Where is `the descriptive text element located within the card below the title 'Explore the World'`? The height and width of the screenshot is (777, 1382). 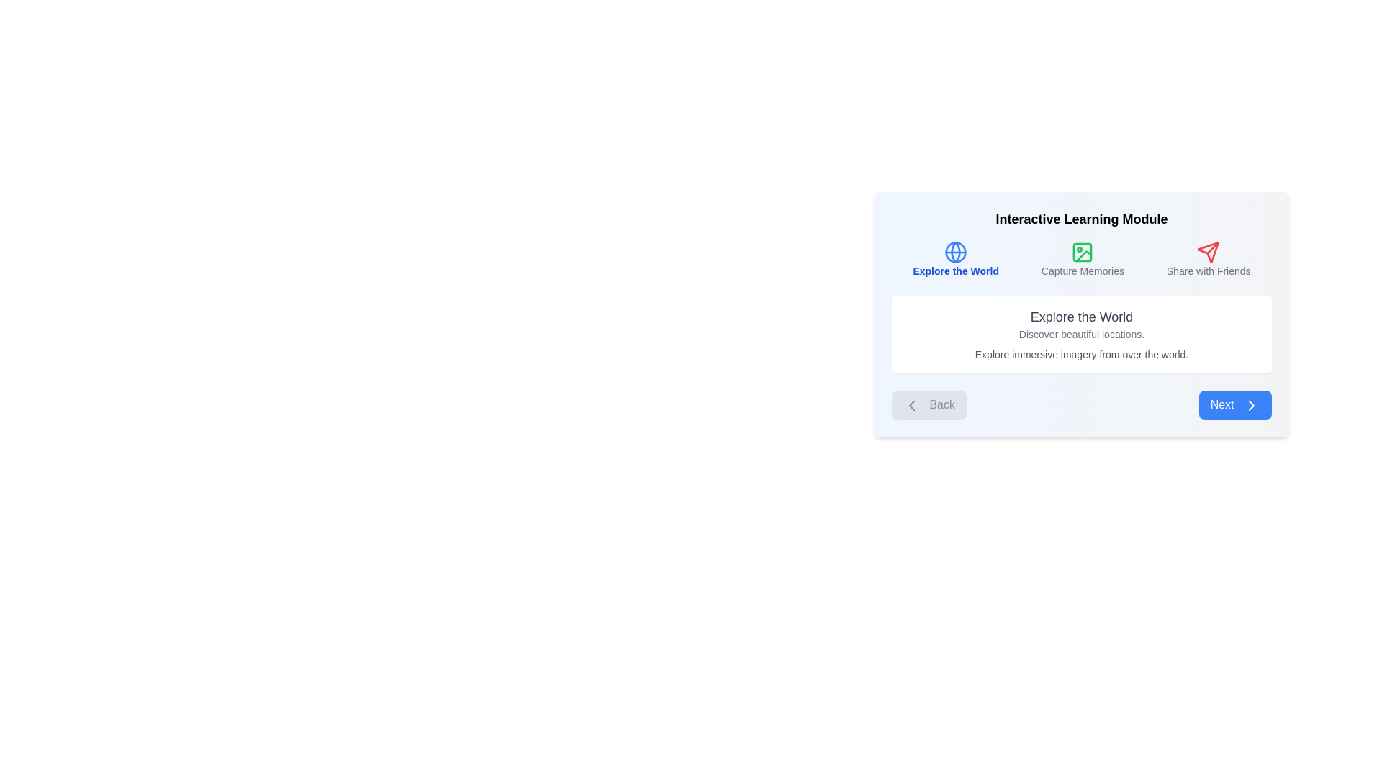 the descriptive text element located within the card below the title 'Explore the World' is located at coordinates (1081, 335).